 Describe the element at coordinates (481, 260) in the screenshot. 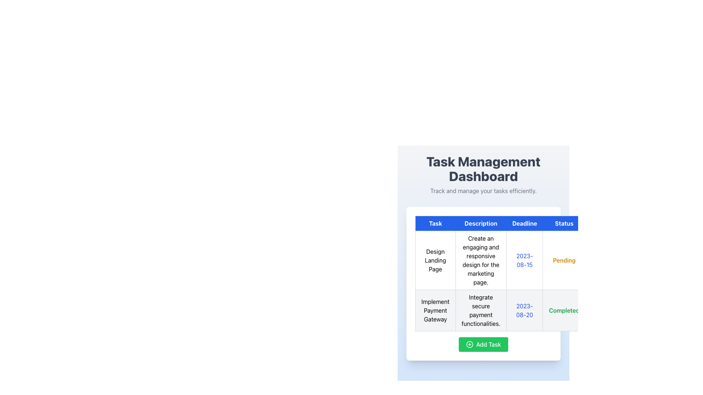

I see `the text in the Text Display Box that provides the detailed description of the task, located in the second column of the first row of the table` at that location.